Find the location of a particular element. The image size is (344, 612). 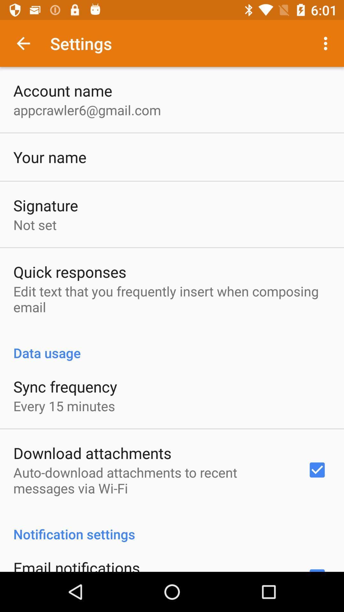

item above sync frequency is located at coordinates (172, 346).